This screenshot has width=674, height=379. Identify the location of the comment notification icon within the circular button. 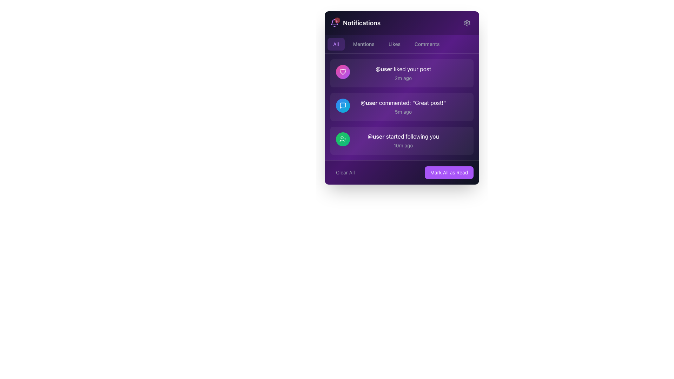
(343, 105).